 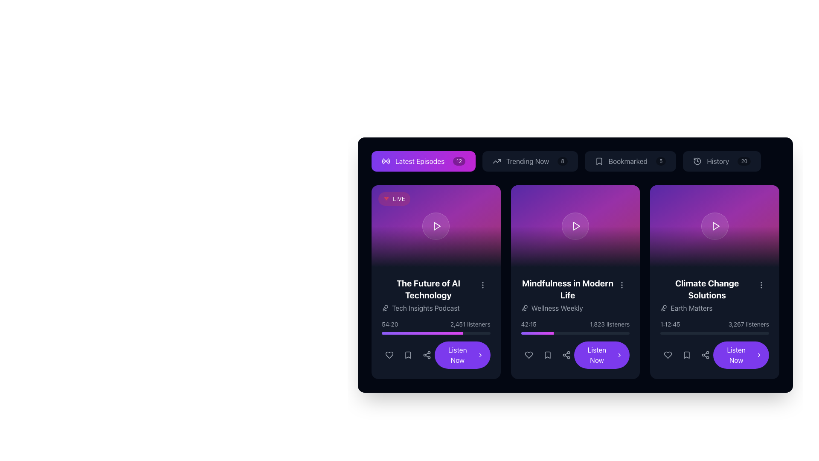 What do you see at coordinates (547, 355) in the screenshot?
I see `the second button in the row of three buttons under the 'Mindfulness in Modern Life' card to bookmark the content` at bounding box center [547, 355].